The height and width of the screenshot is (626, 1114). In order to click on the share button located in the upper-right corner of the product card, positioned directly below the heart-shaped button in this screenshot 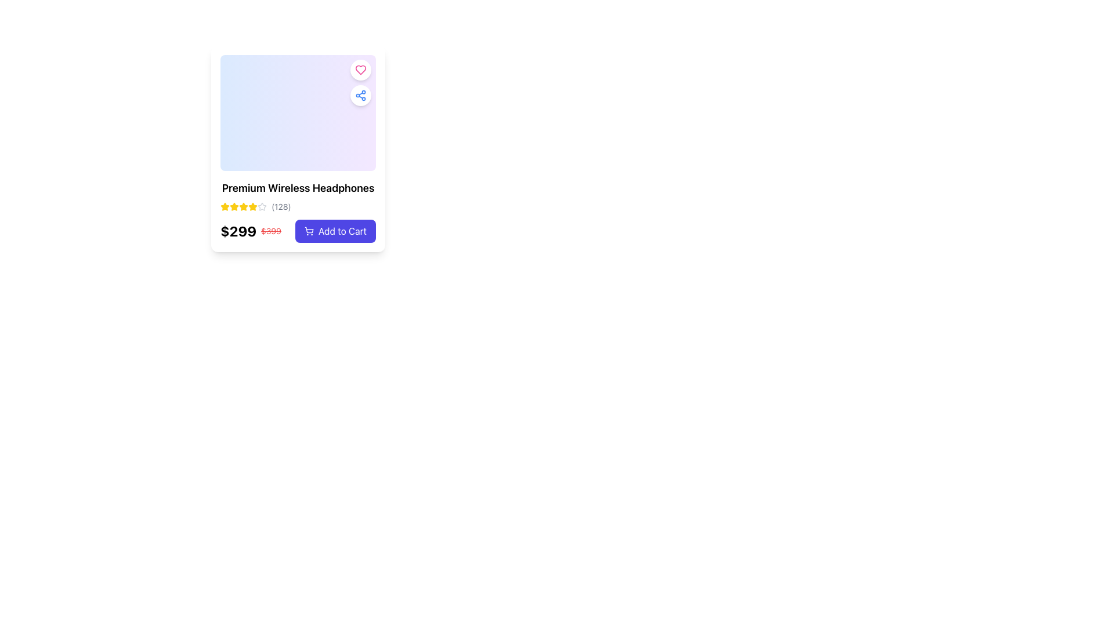, I will do `click(360, 95)`.